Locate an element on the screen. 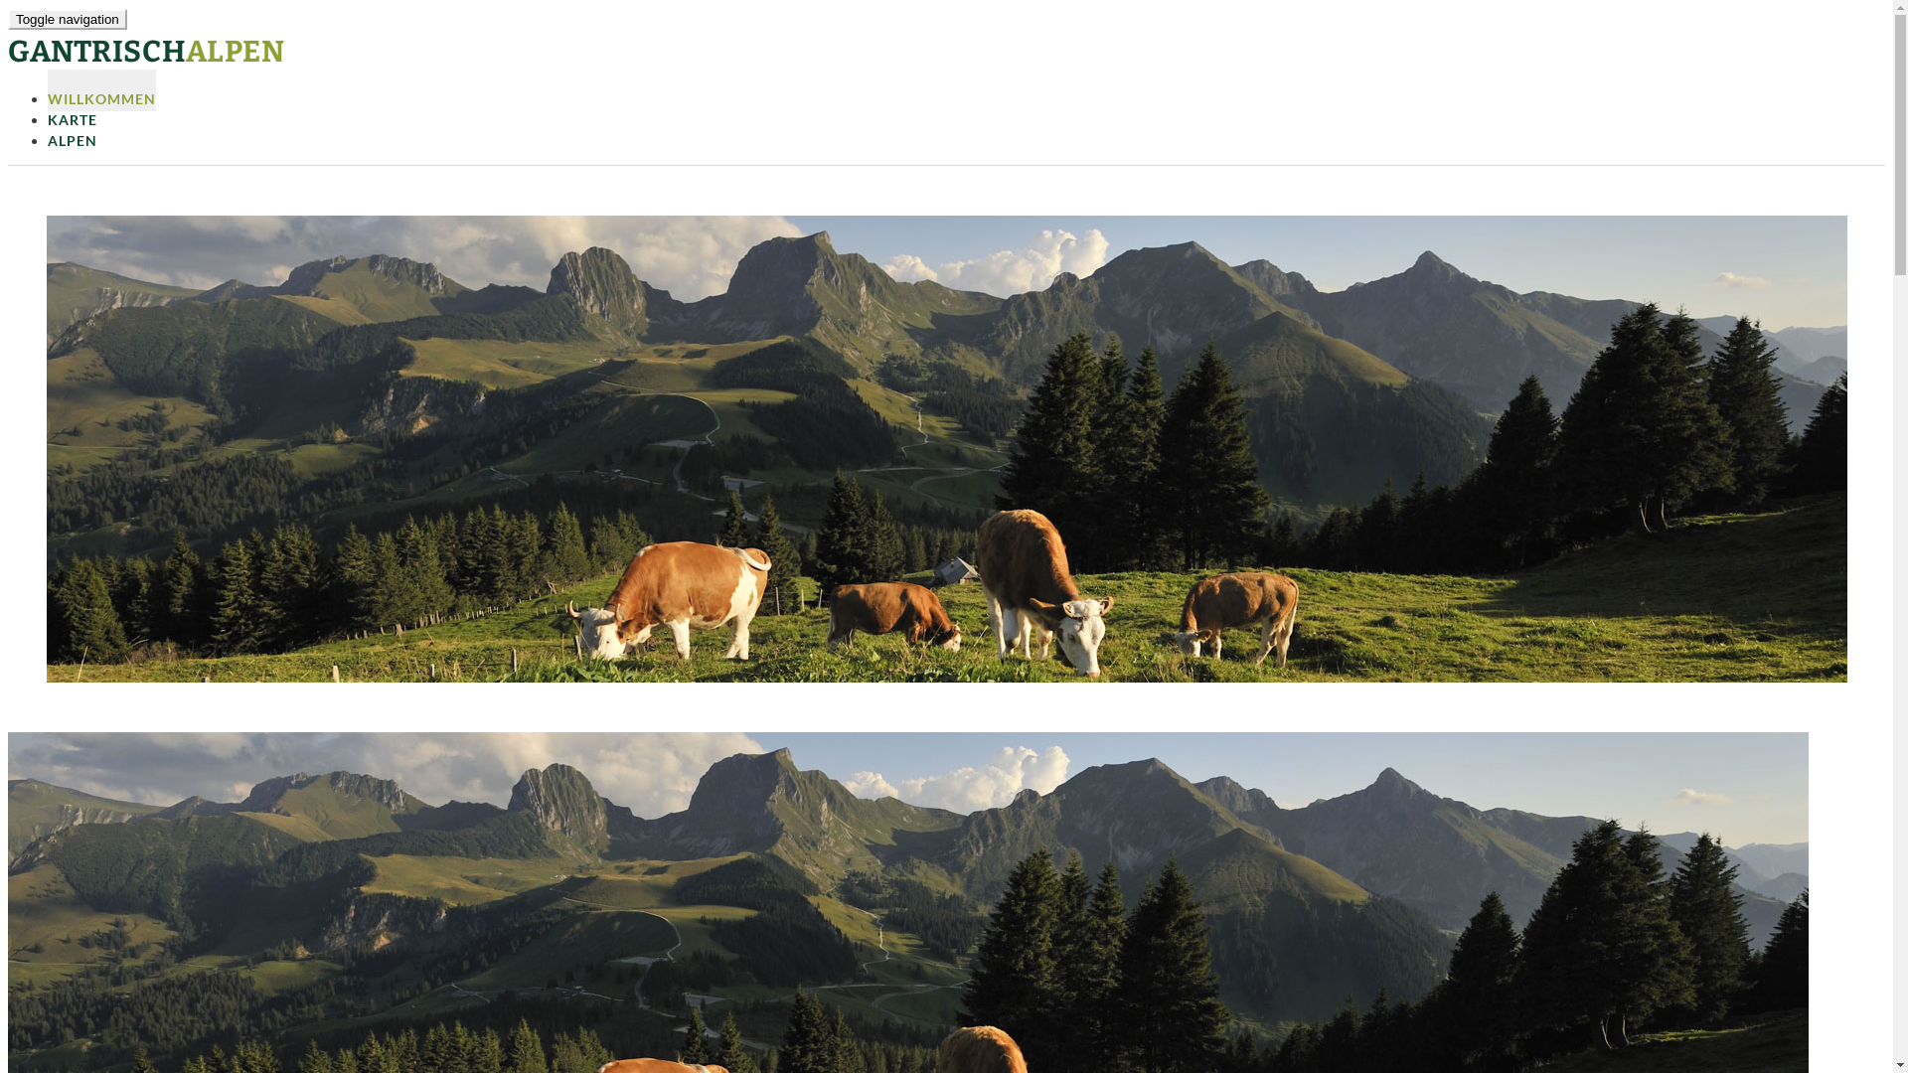 This screenshot has height=1073, width=1908. 'Toggle navigation' is located at coordinates (67, 19).